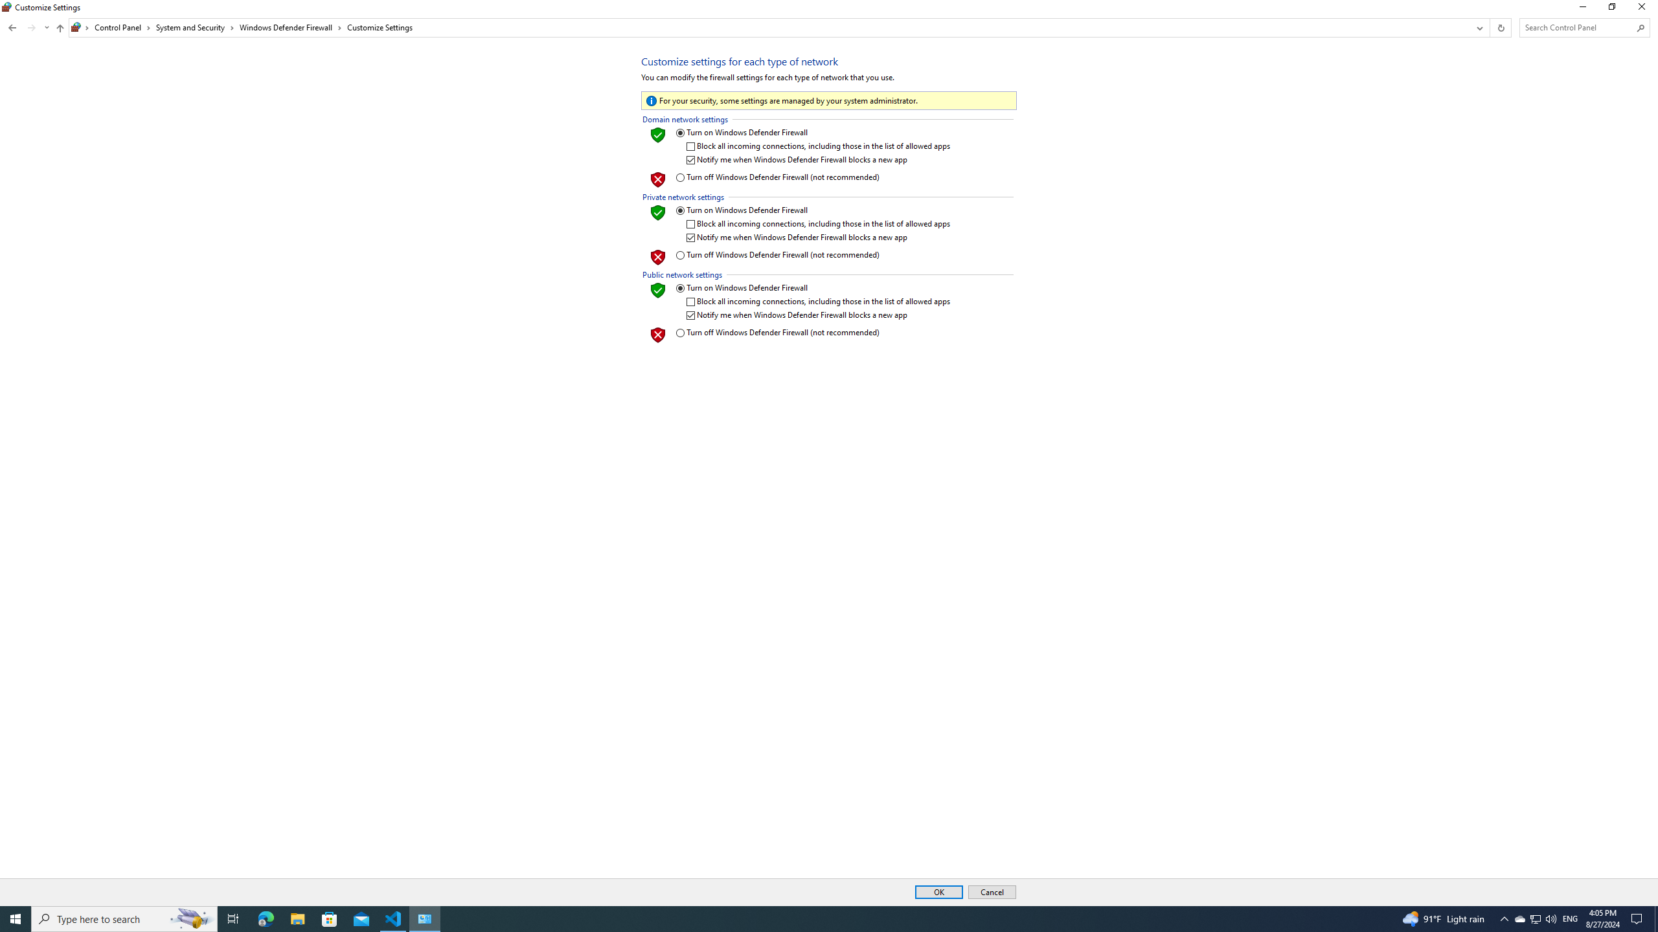 This screenshot has height=932, width=1658. What do you see at coordinates (31, 27) in the screenshot?
I see `'Forward (Alt + Right Arrow)'` at bounding box center [31, 27].